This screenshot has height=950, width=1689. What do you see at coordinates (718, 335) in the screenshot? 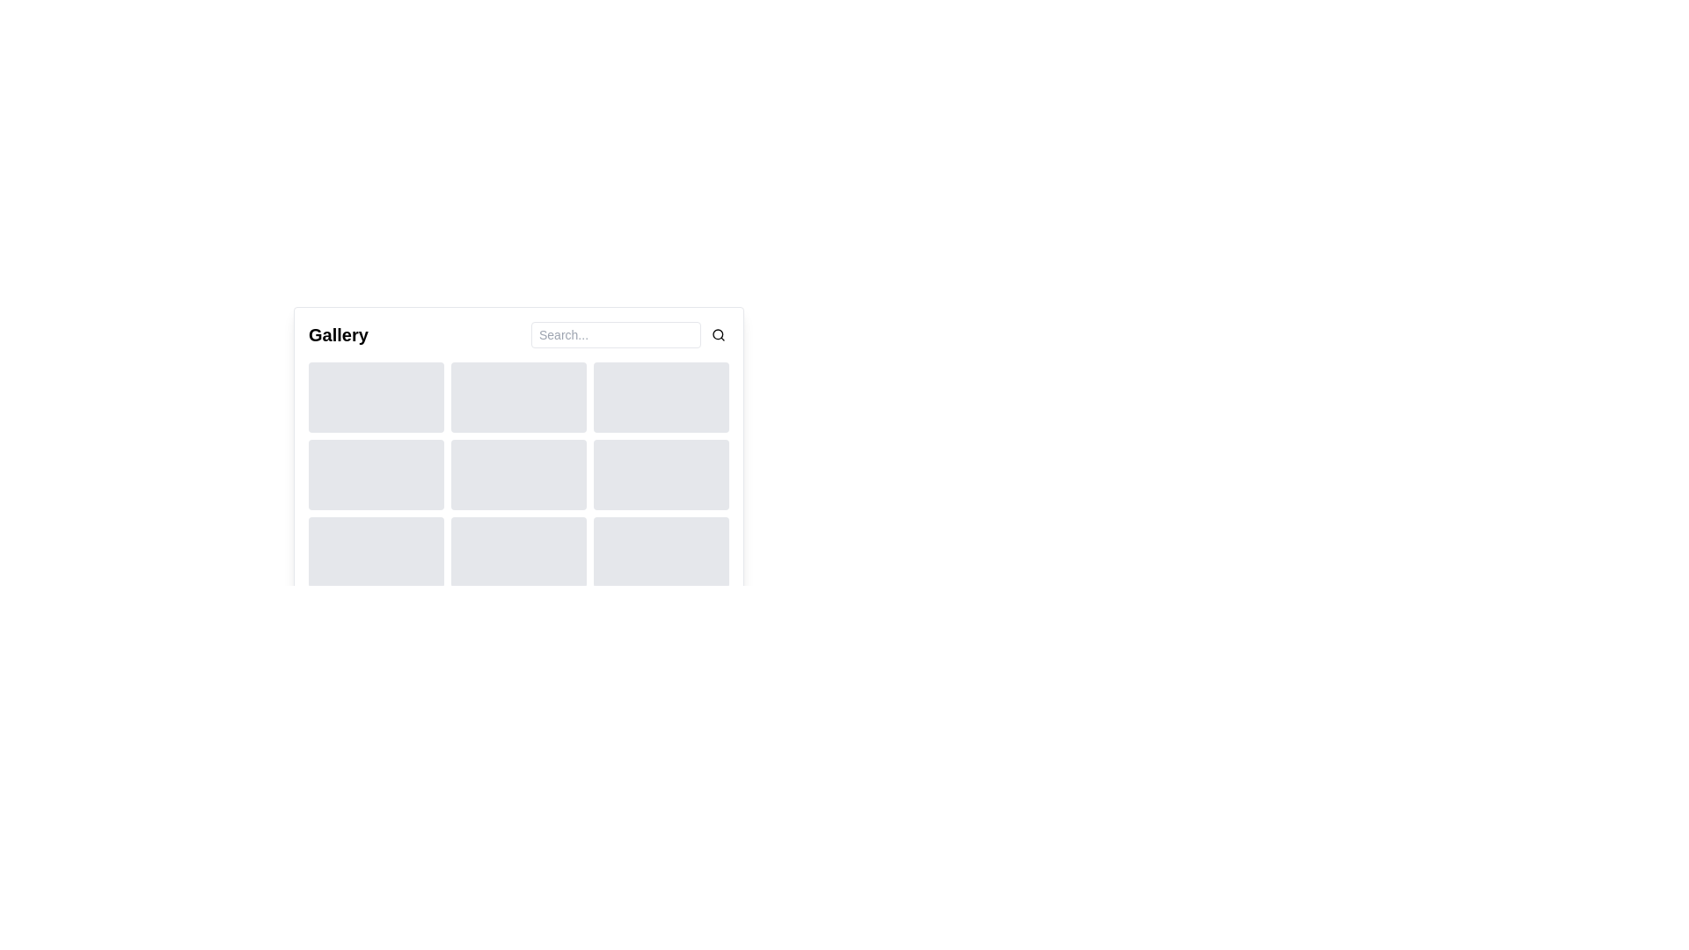
I see `the magnifying glass icon located at the far-right end of the search bar` at bounding box center [718, 335].